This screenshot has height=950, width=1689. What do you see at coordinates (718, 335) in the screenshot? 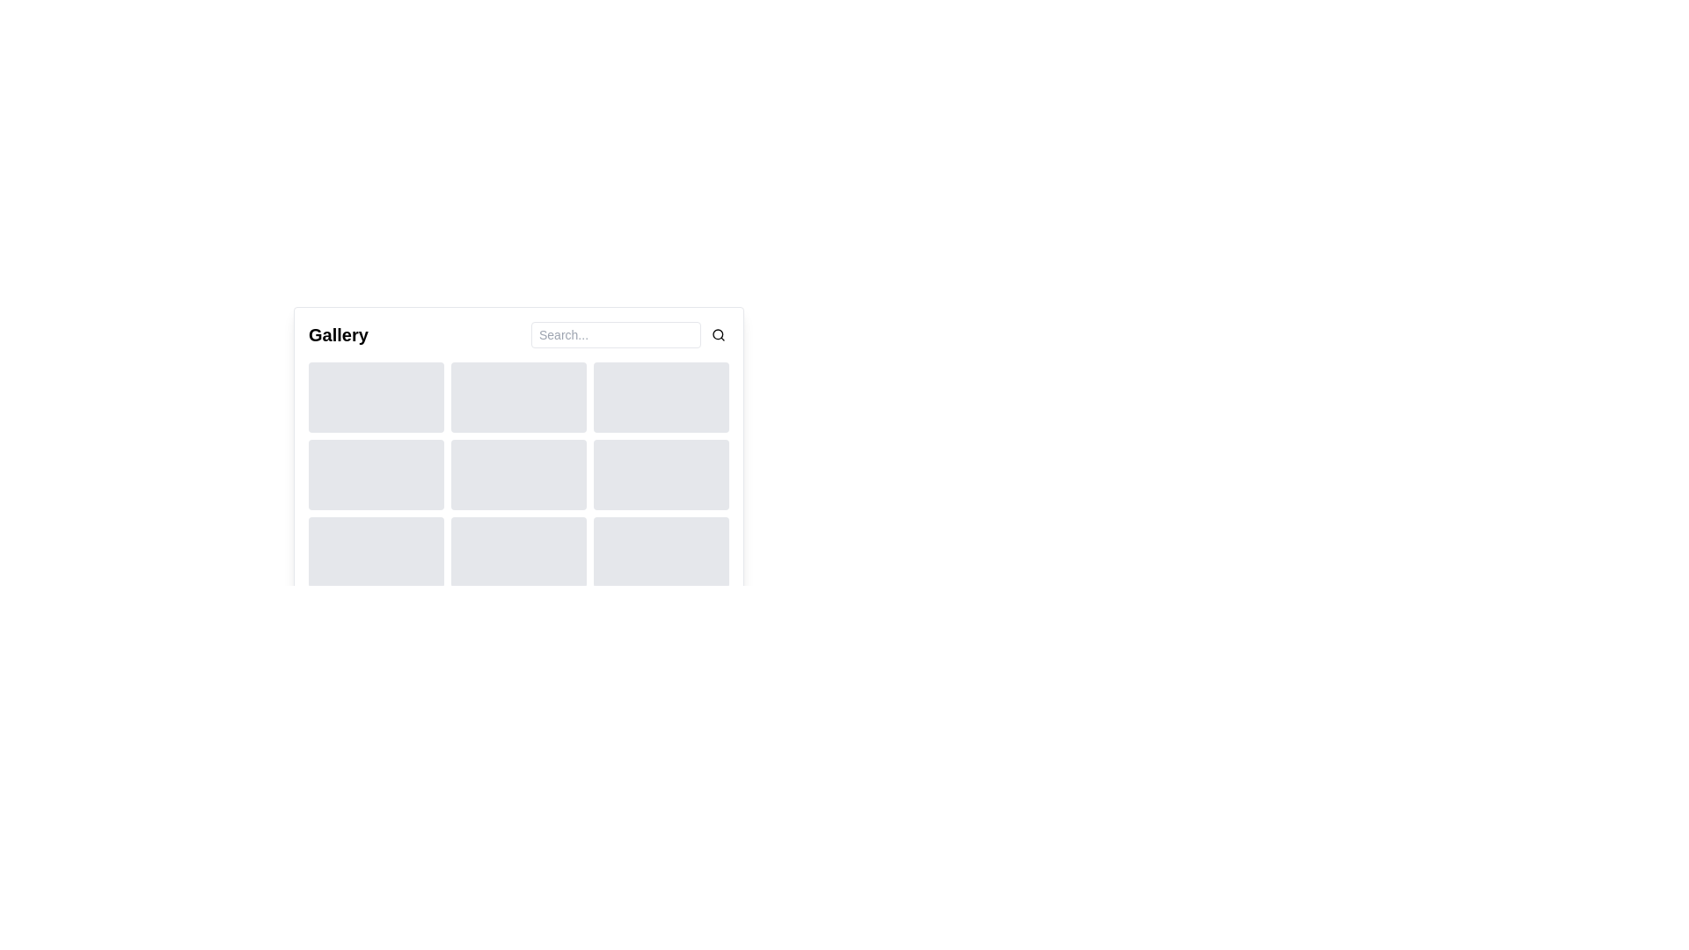
I see `the magnifying glass icon located at the far-right end of the search bar` at bounding box center [718, 335].